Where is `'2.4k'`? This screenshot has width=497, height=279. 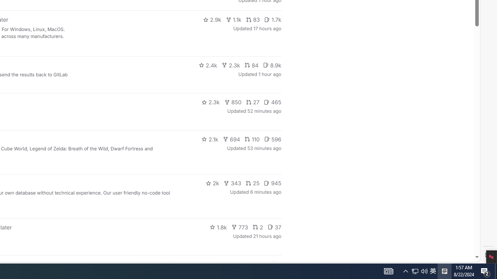 '2.4k' is located at coordinates (208, 65).